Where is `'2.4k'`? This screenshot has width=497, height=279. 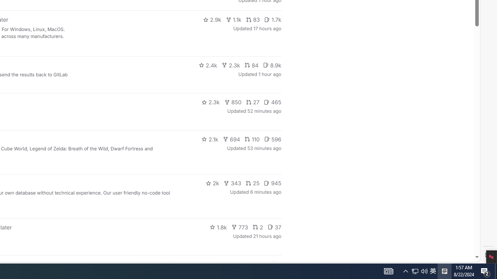 '2.4k' is located at coordinates (208, 65).